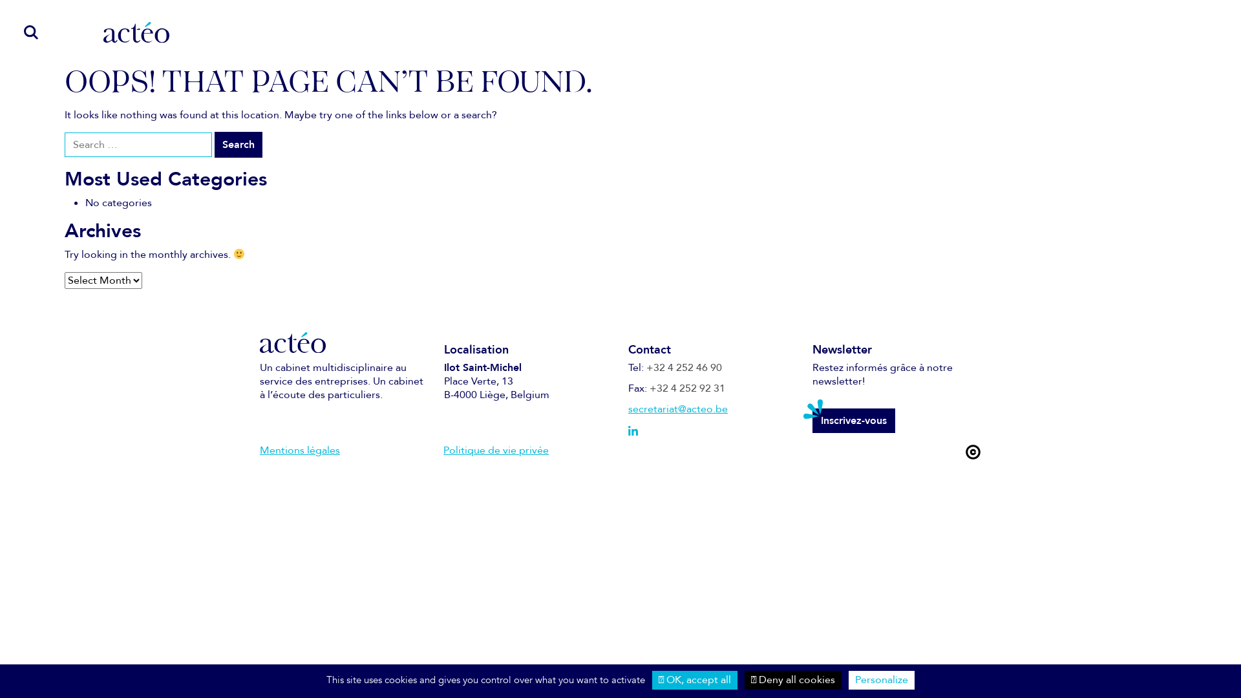  Describe the element at coordinates (683, 368) in the screenshot. I see `'+32 4 252 46 90'` at that location.